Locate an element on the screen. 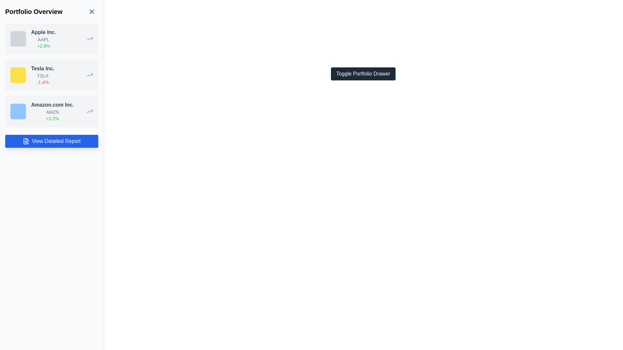 Image resolution: width=623 pixels, height=350 pixels. the circular close button with a gray '×' icon located in the top-right corner of the 'Portfolio Overview' header section is located at coordinates (92, 11).